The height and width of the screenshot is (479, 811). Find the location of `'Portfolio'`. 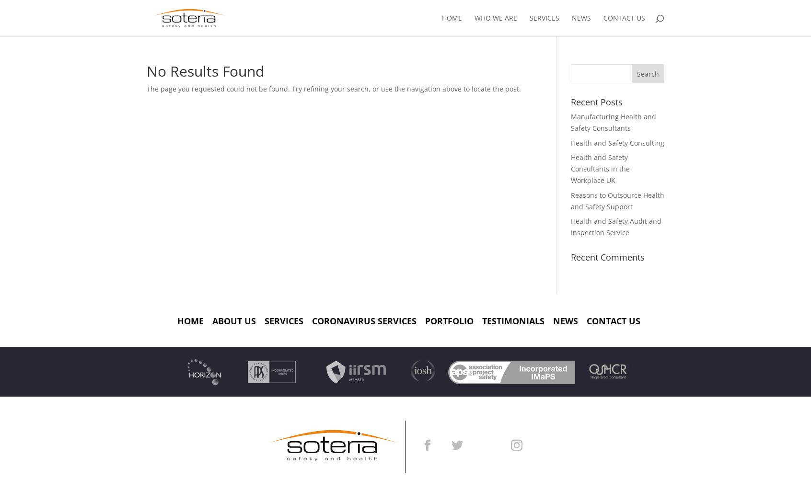

'Portfolio' is located at coordinates (449, 320).